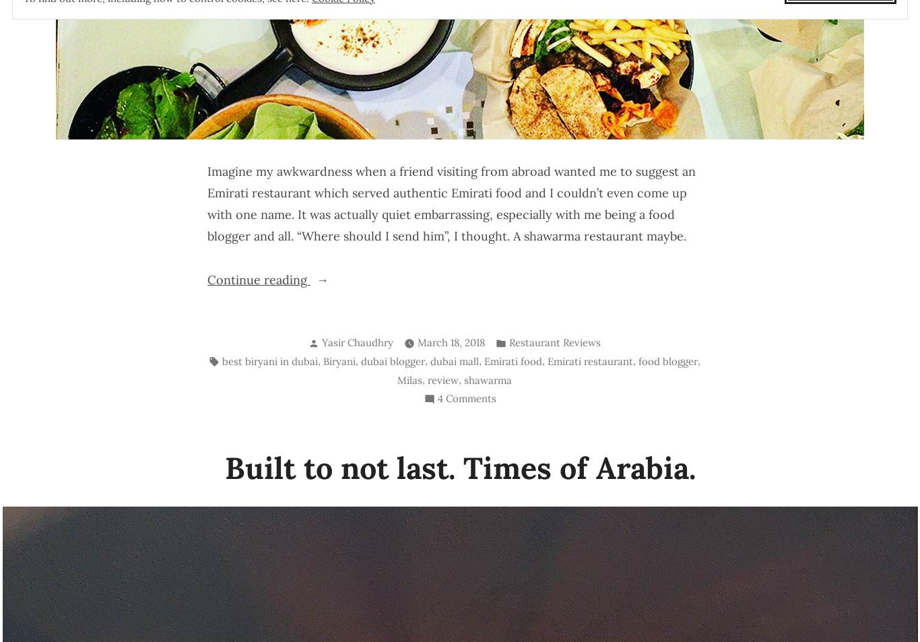 The width and height of the screenshot is (920, 642). I want to click on 'Yasir Chaudhry', so click(357, 342).